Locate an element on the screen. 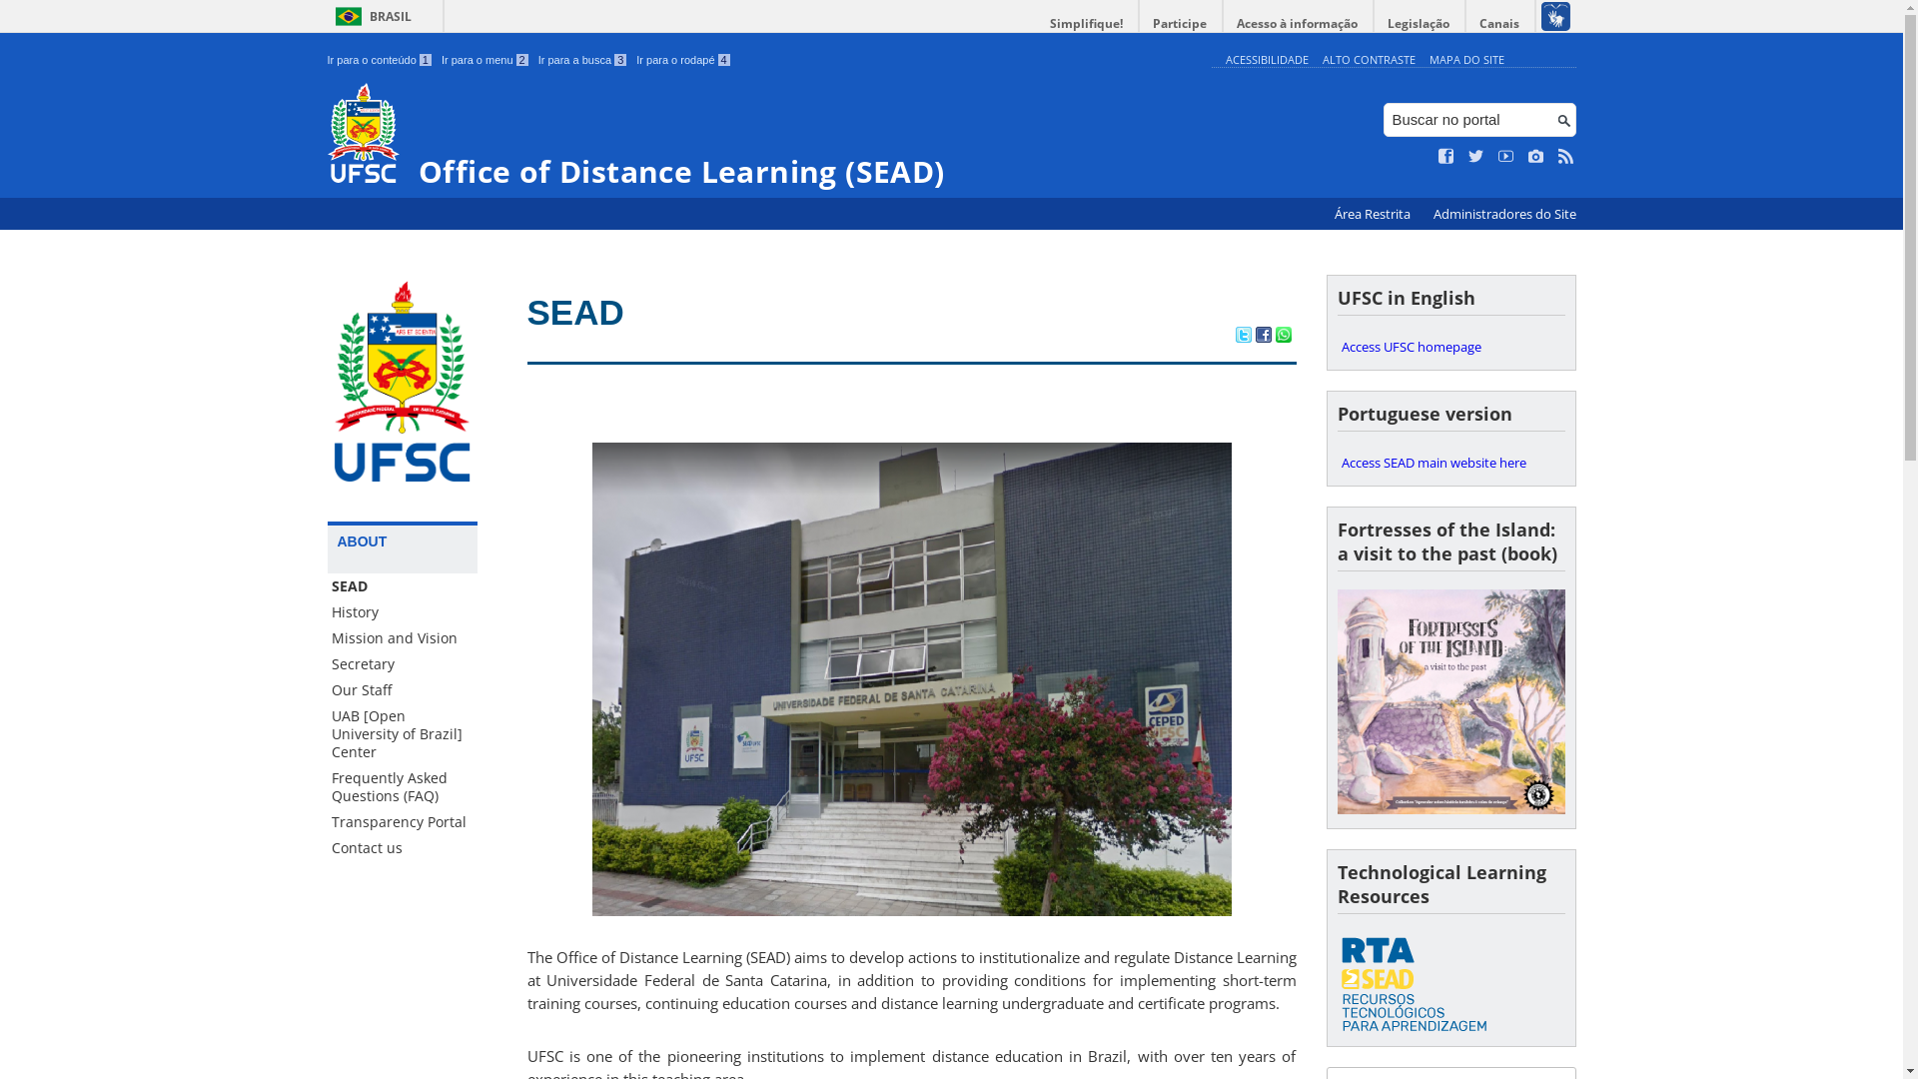 The width and height of the screenshot is (1918, 1079). 'Simplifique!' is located at coordinates (1036, 23).